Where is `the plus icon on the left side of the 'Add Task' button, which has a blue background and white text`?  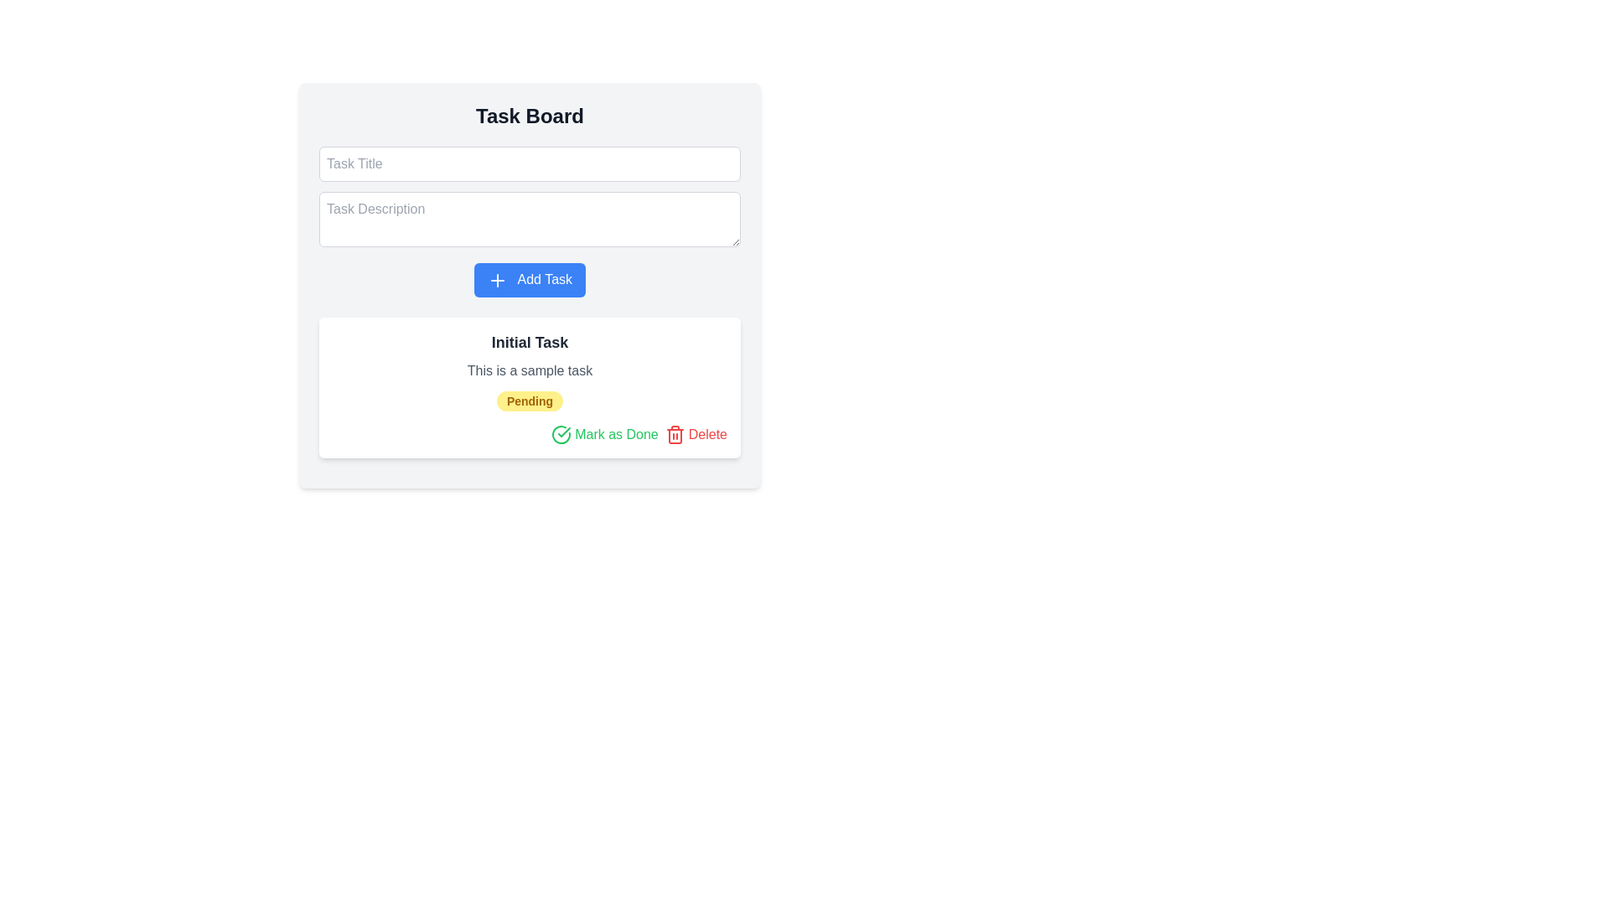
the plus icon on the left side of the 'Add Task' button, which has a blue background and white text is located at coordinates (496, 279).